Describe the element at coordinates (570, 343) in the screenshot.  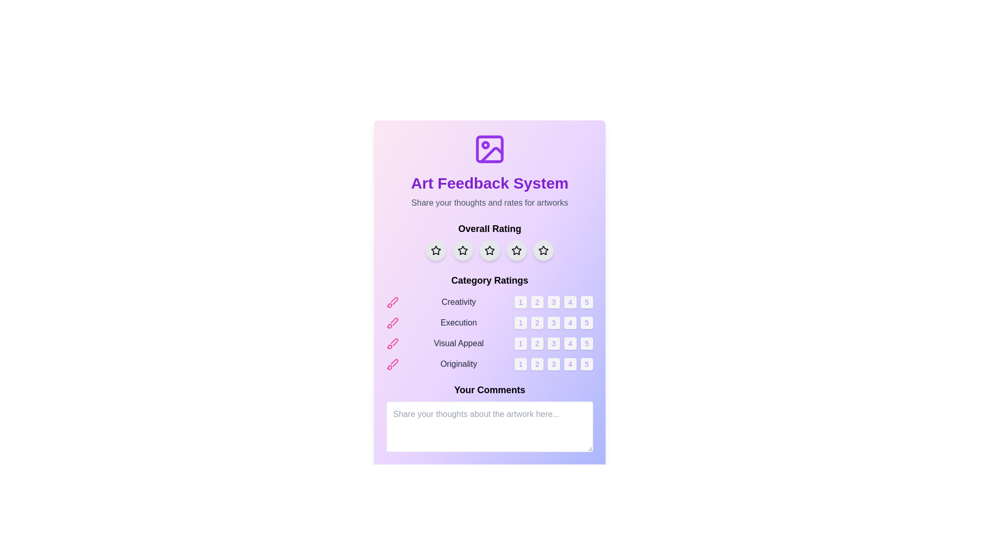
I see `the small, rounded square button with the number '4' centered in it, which is located under the 'Visual Appeal' category heading` at that location.